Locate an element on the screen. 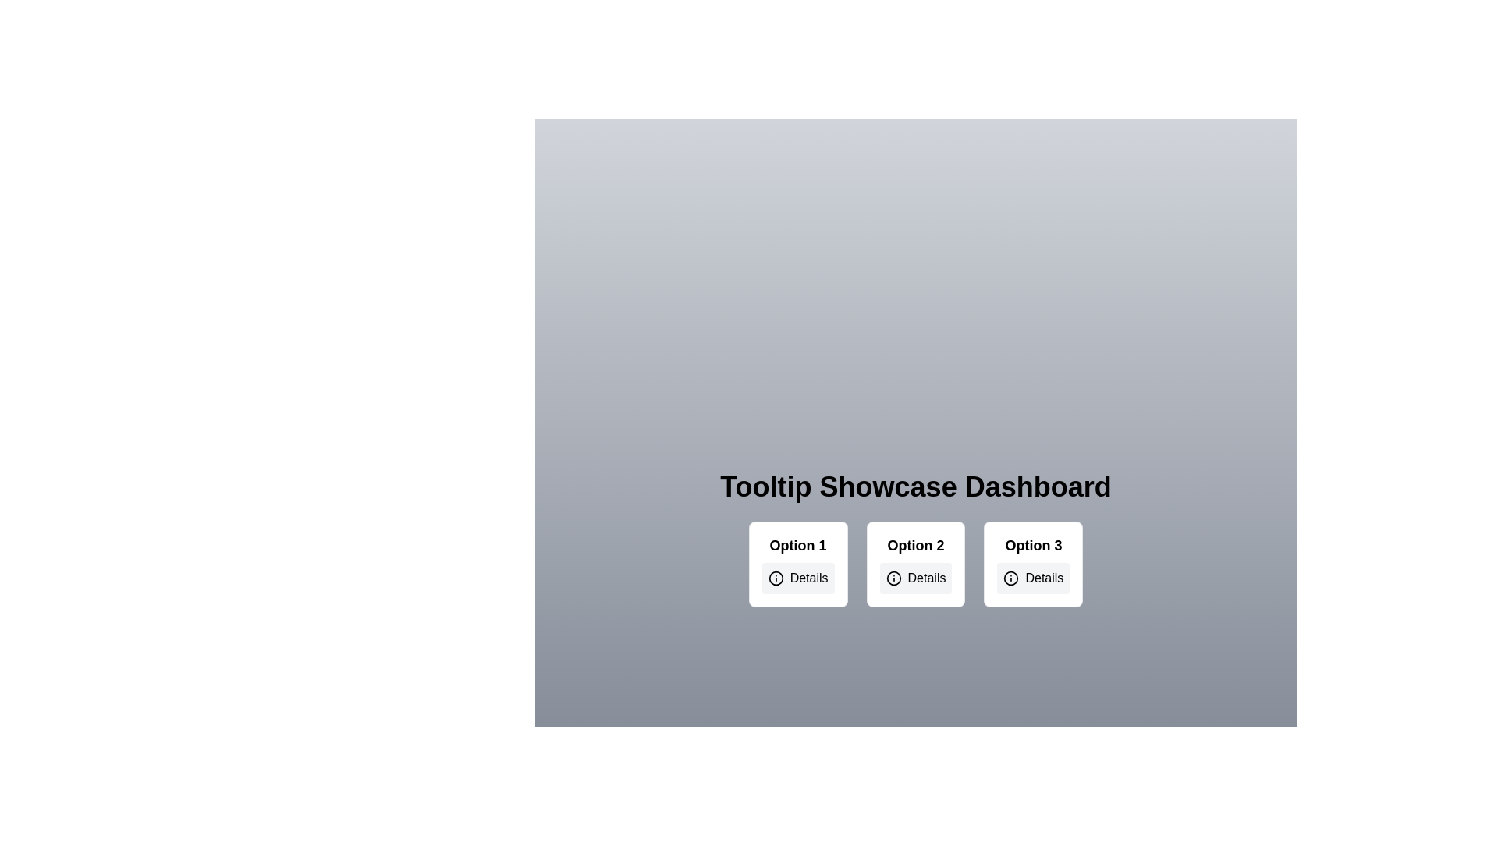 The height and width of the screenshot is (842, 1498). the decorative icon inside the leftmost 'Details' button beneath the 'Option 1' header is located at coordinates (776, 578).